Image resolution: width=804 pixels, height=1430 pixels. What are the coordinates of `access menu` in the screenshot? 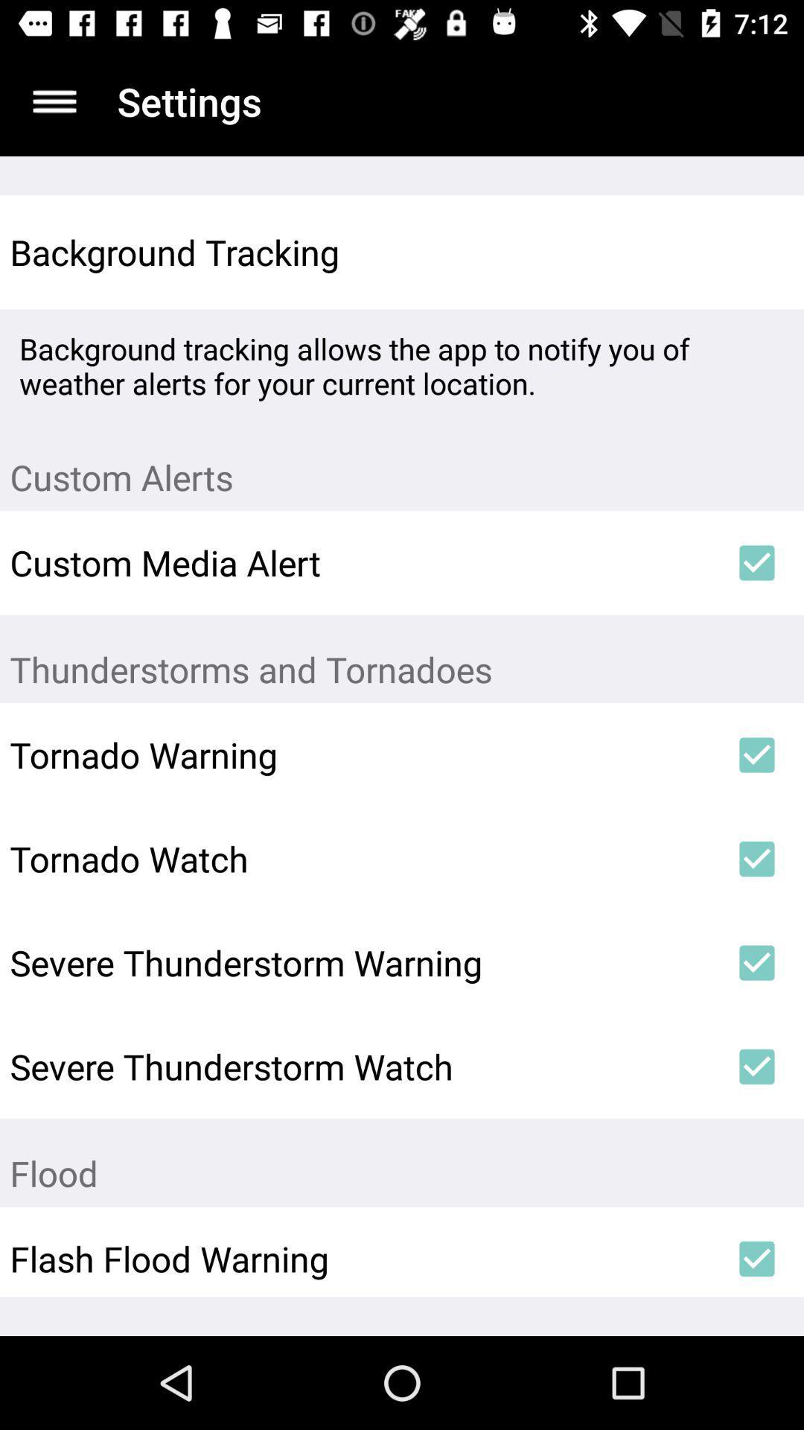 It's located at (54, 101).